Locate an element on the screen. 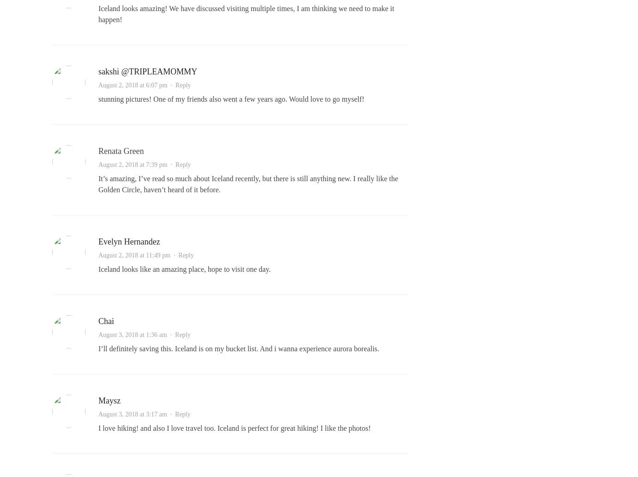  'Iceland looks like an amazing place, hope to visit one day.' is located at coordinates (184, 269).